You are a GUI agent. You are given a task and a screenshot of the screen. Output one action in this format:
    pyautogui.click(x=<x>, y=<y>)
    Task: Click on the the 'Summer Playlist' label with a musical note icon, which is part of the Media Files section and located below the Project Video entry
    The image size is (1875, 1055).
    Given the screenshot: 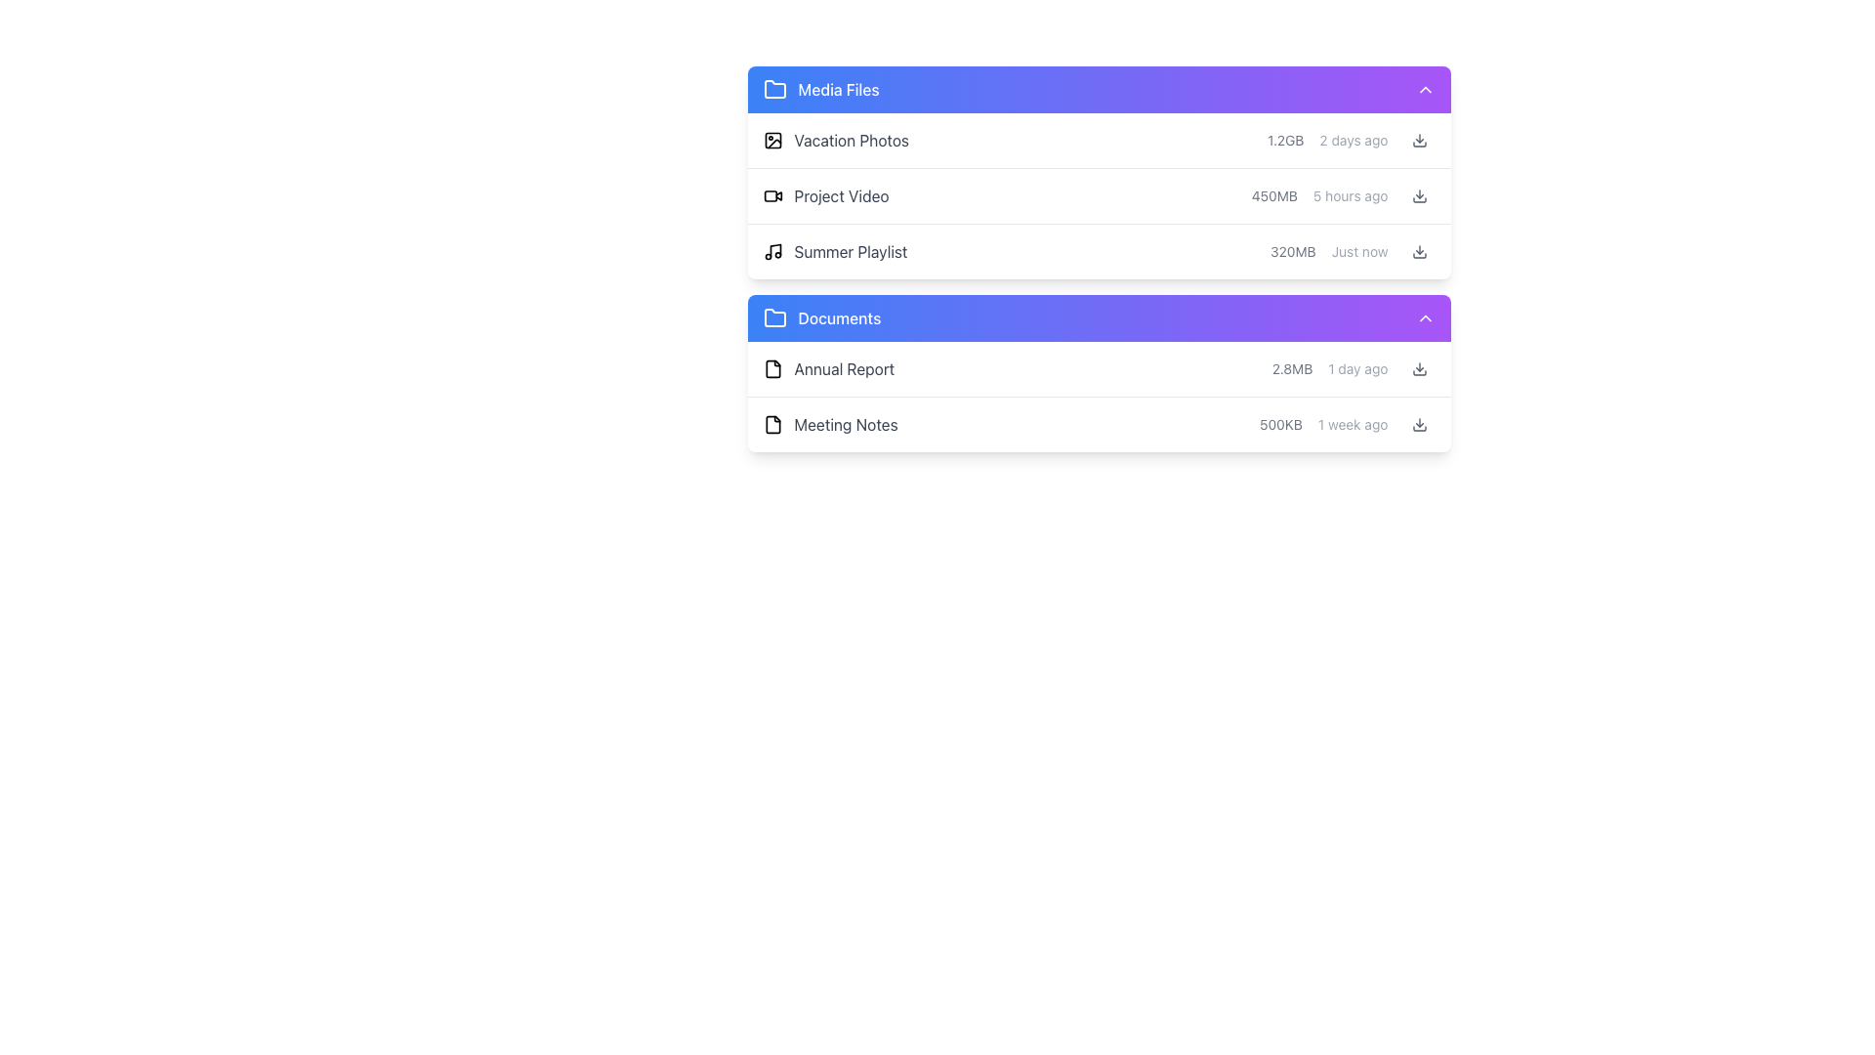 What is the action you would take?
    pyautogui.click(x=835, y=251)
    